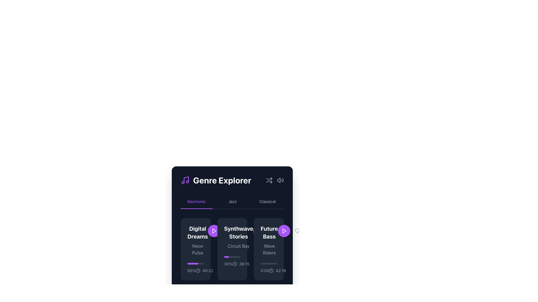 The width and height of the screenshot is (538, 302). What do you see at coordinates (196, 202) in the screenshot?
I see `the first interactive text label in the navigation menu` at bounding box center [196, 202].